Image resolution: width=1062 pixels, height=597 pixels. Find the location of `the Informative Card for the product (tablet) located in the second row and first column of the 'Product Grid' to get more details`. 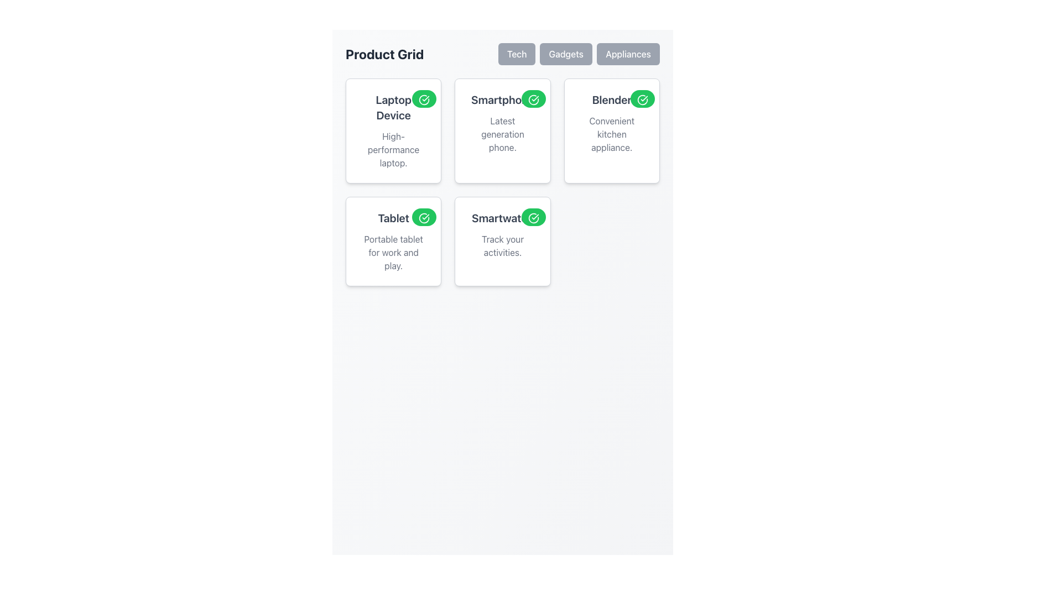

the Informative Card for the product (tablet) located in the second row and first column of the 'Product Grid' to get more details is located at coordinates (393, 240).